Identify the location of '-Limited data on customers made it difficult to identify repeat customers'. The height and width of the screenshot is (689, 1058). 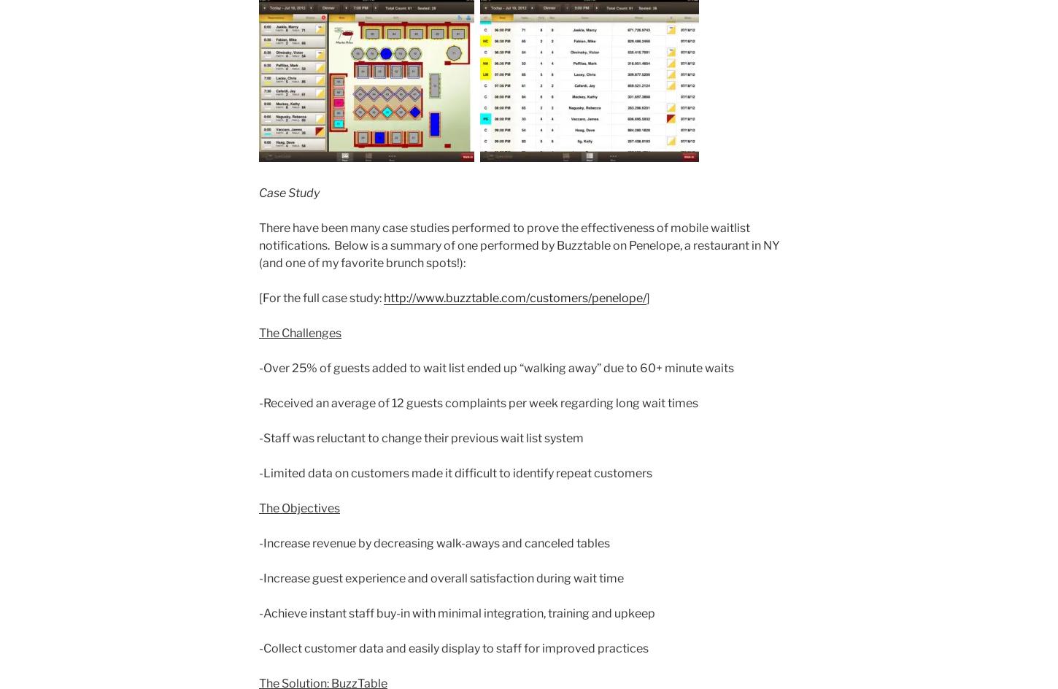
(455, 473).